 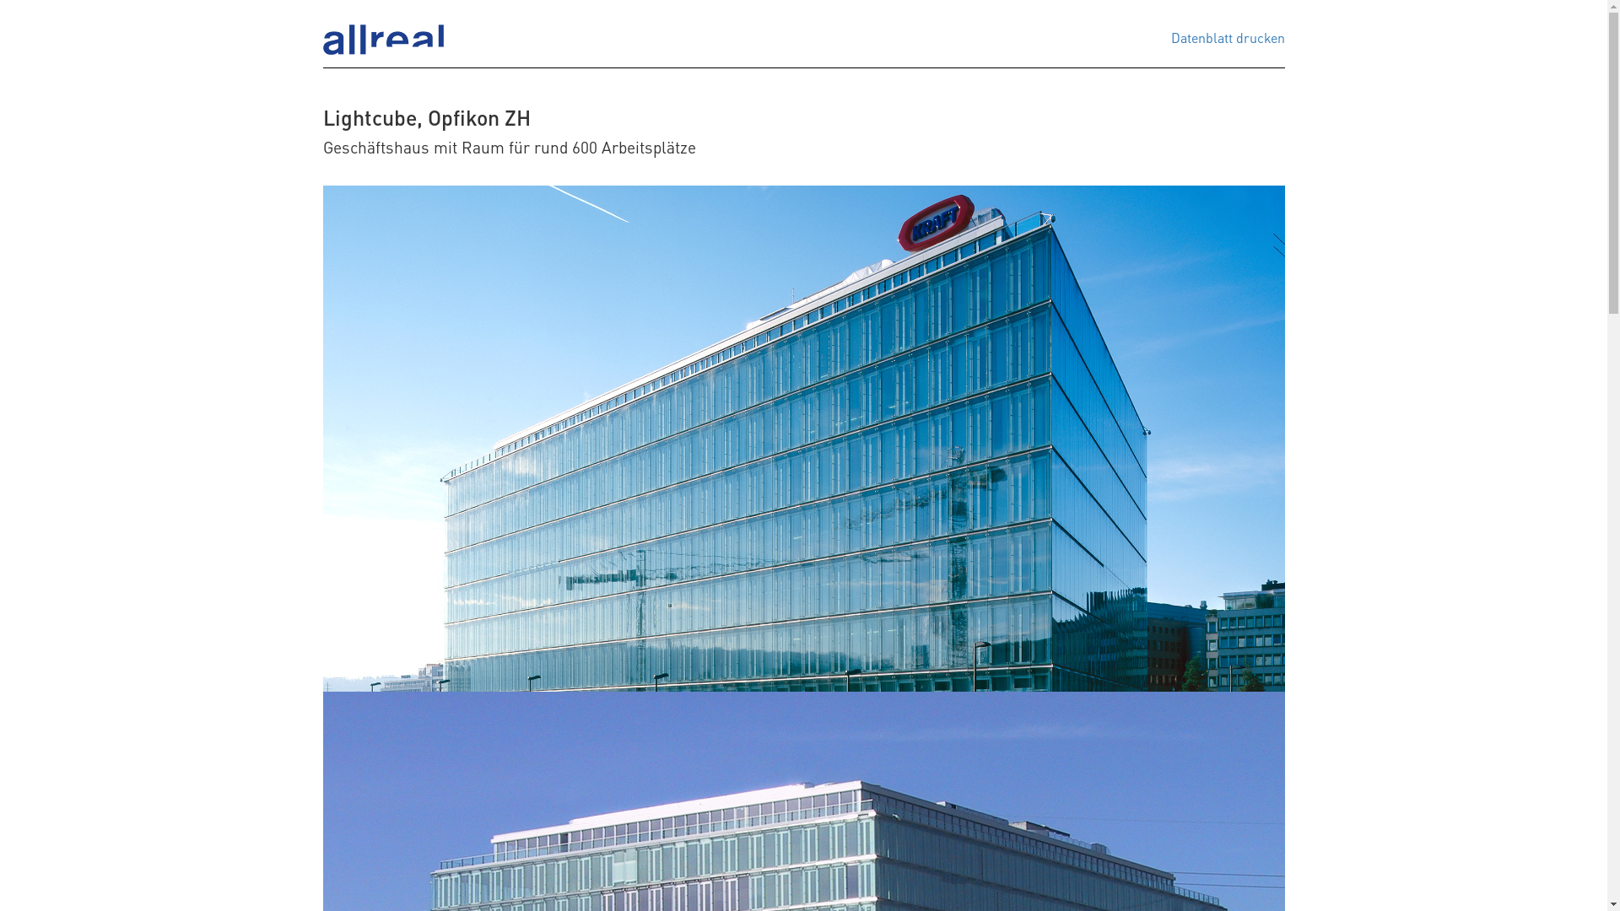 I want to click on 'Datenblatt drucken', so click(x=1169, y=37).